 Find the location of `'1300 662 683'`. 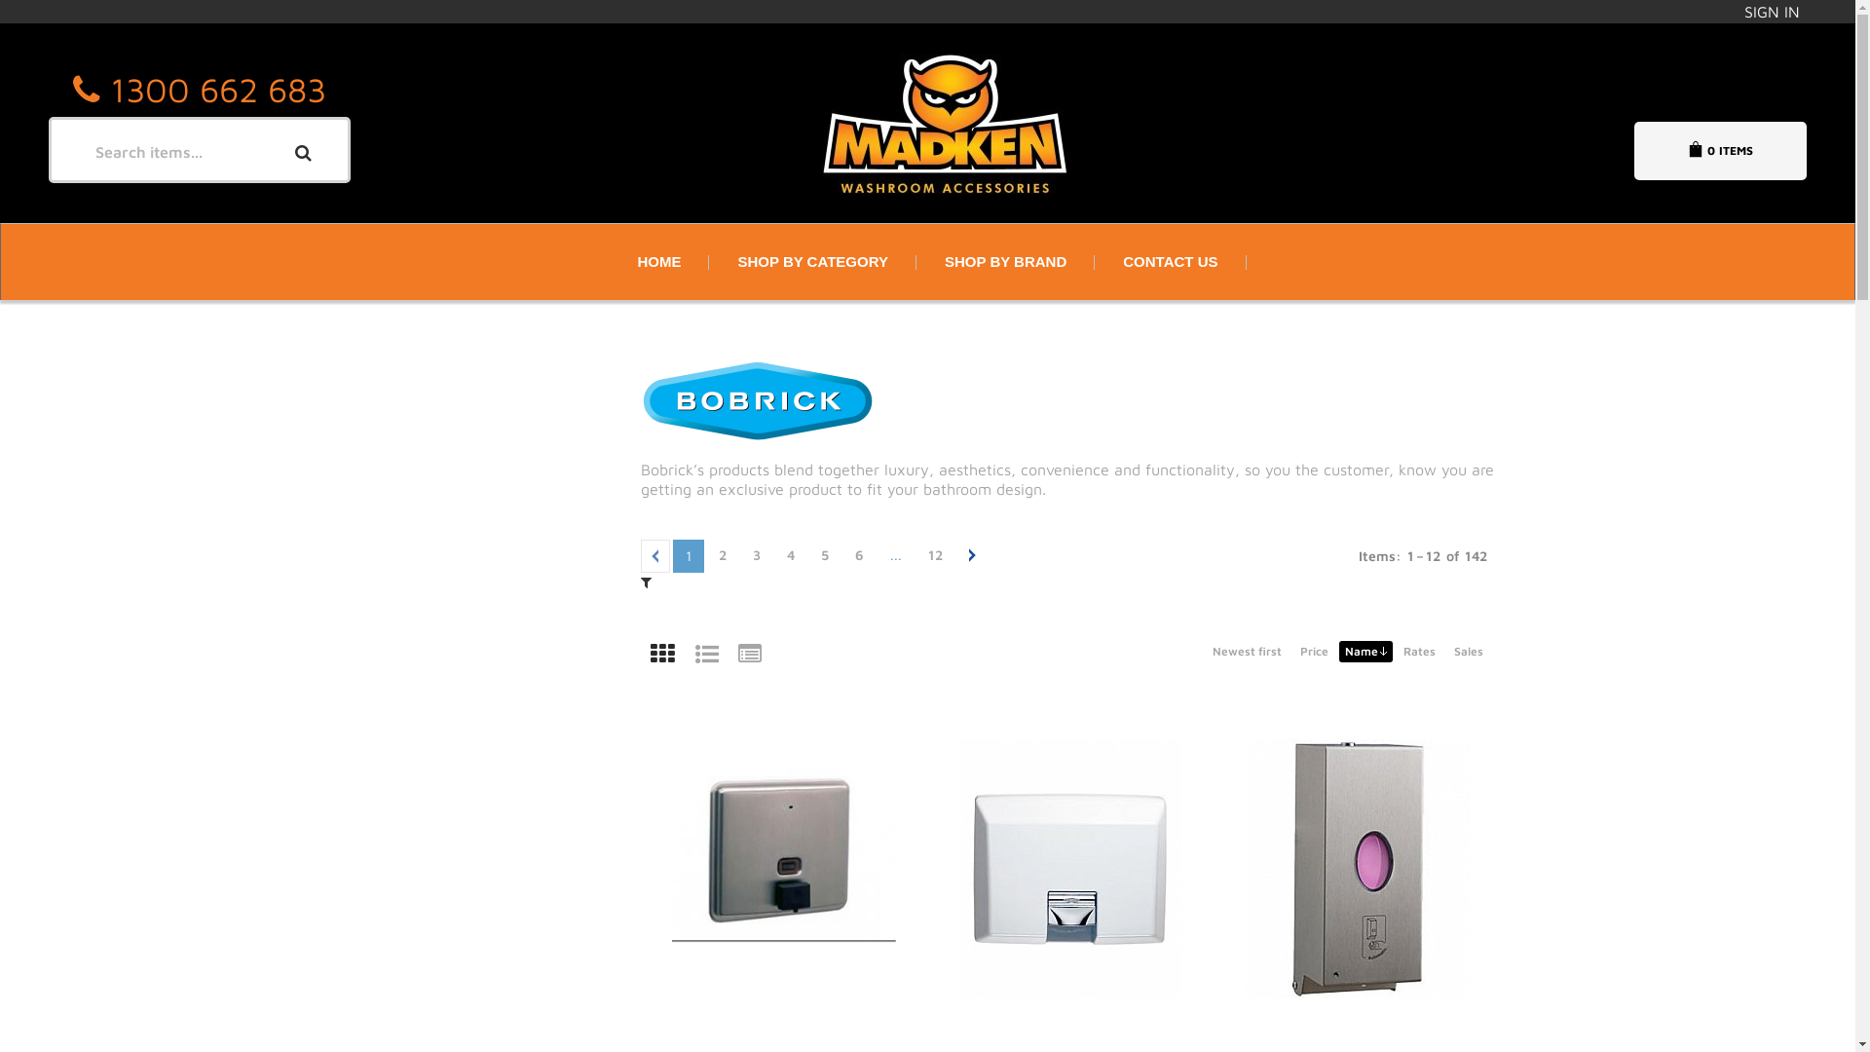

'1300 662 683' is located at coordinates (109, 89).